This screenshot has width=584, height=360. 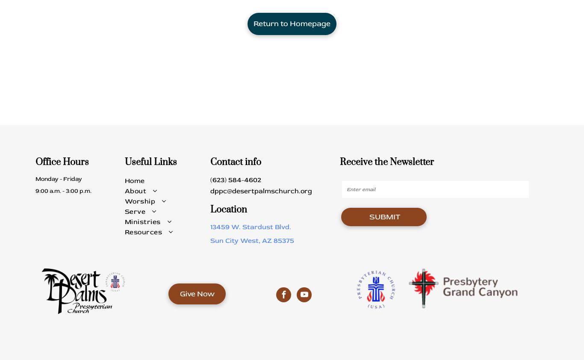 What do you see at coordinates (251, 240) in the screenshot?
I see `'Sun City West, AZ 85375'` at bounding box center [251, 240].